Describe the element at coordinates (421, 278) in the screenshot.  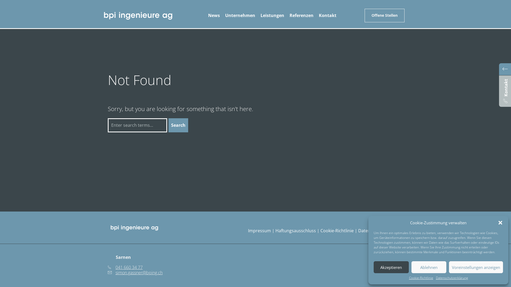
I see `'Cookie-Richtlinie'` at that location.